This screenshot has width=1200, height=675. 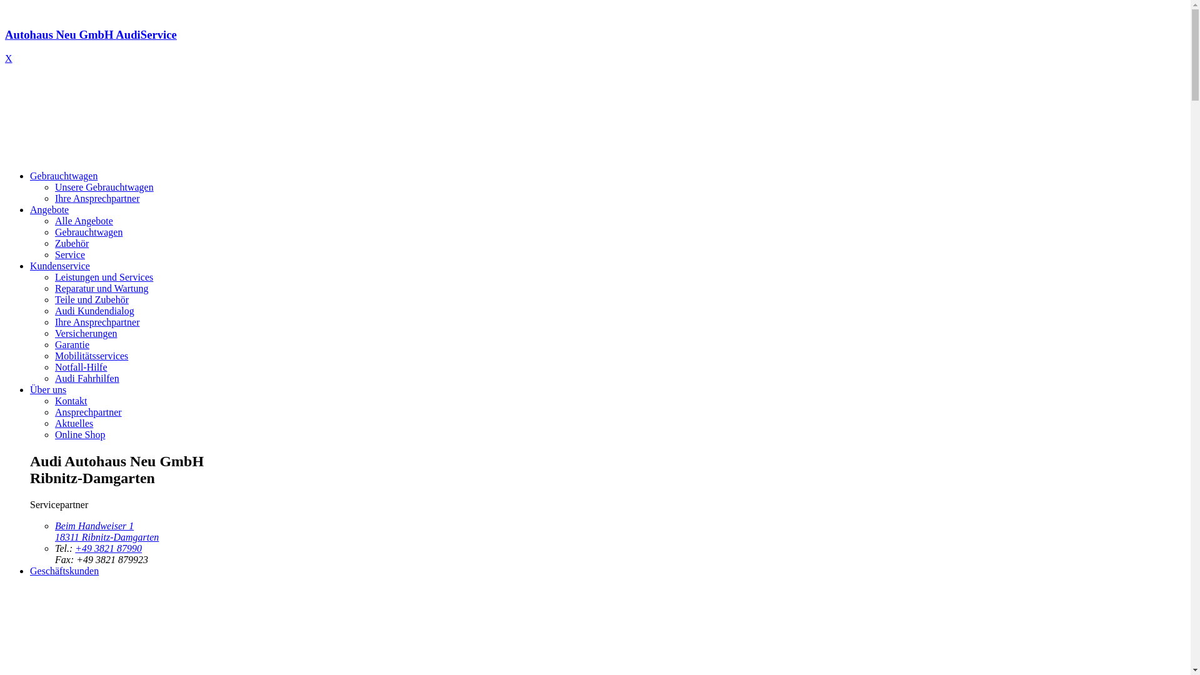 I want to click on 'Alle Angebote', so click(x=83, y=220).